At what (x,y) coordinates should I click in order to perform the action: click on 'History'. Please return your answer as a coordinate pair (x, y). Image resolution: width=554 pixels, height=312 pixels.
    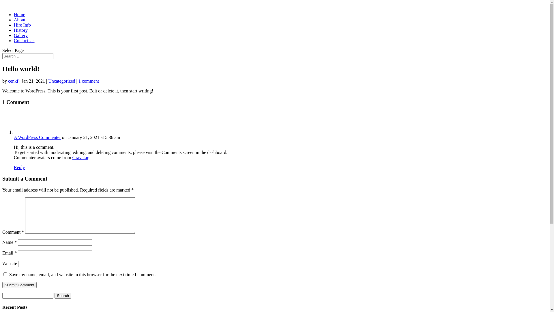
    Looking at the image, I should click on (21, 30).